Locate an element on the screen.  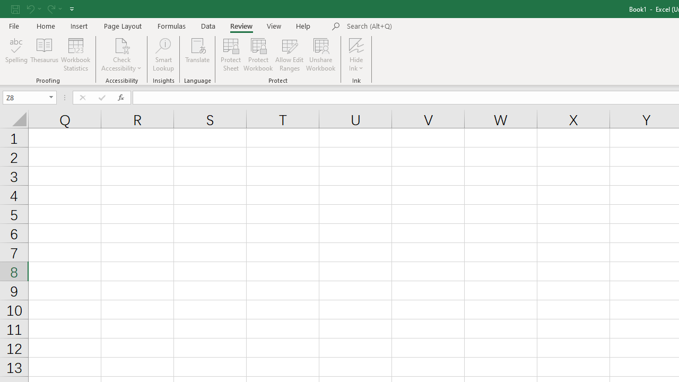
'Help' is located at coordinates (303, 25).